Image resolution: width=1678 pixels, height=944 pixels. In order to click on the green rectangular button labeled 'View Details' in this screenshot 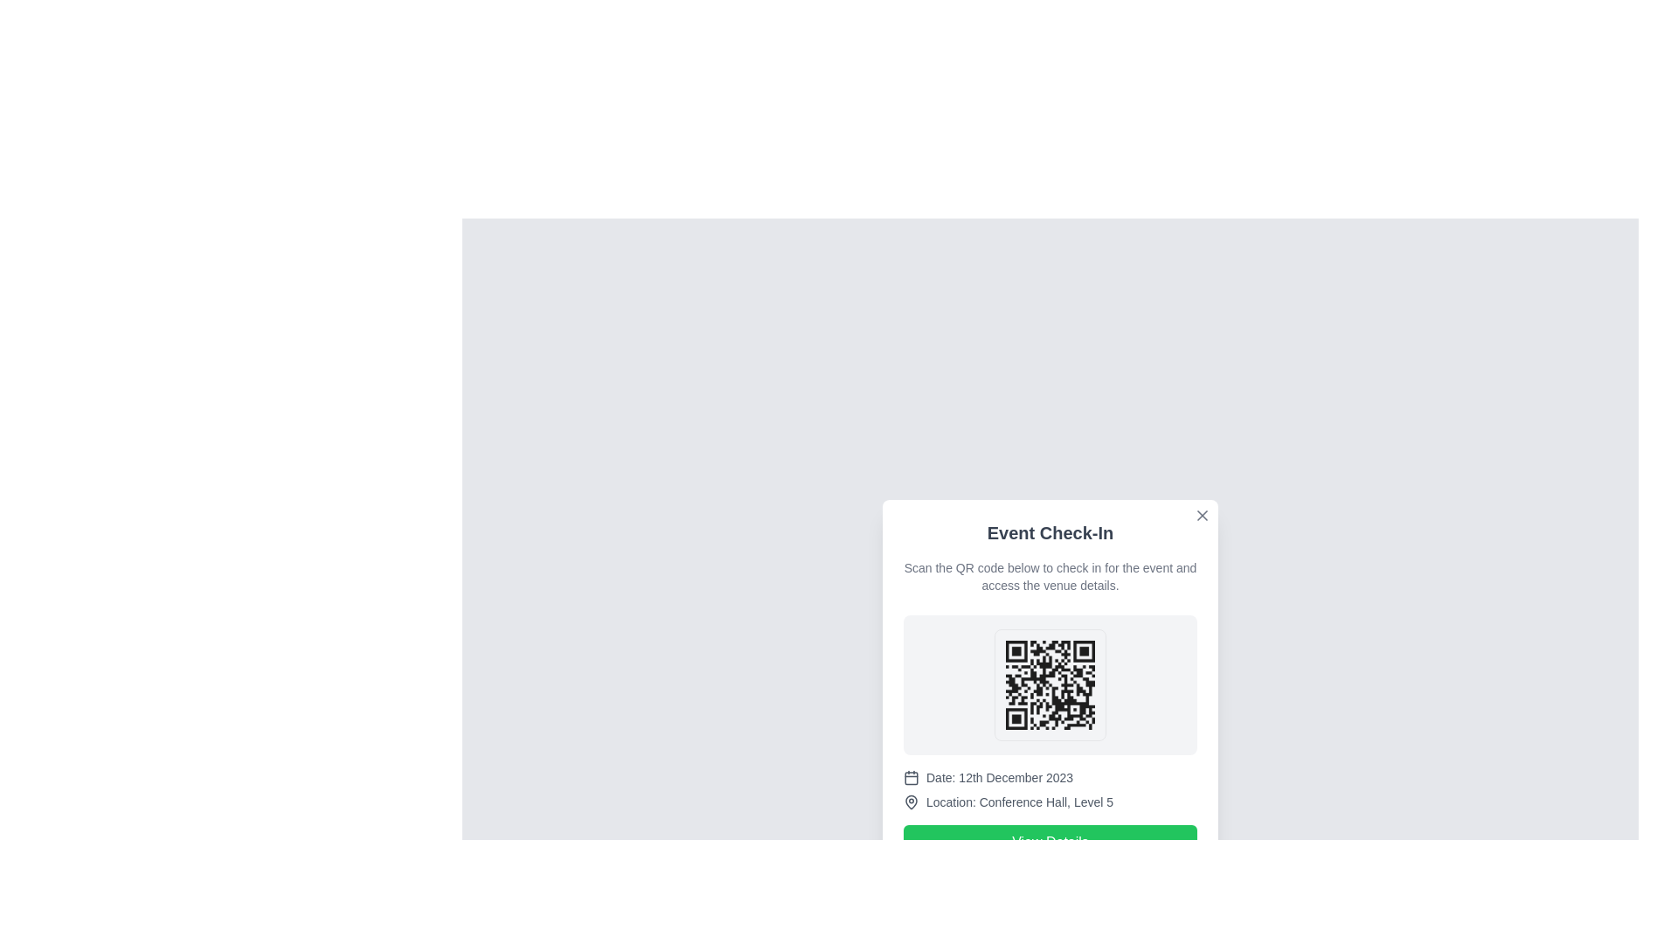, I will do `click(1049, 842)`.